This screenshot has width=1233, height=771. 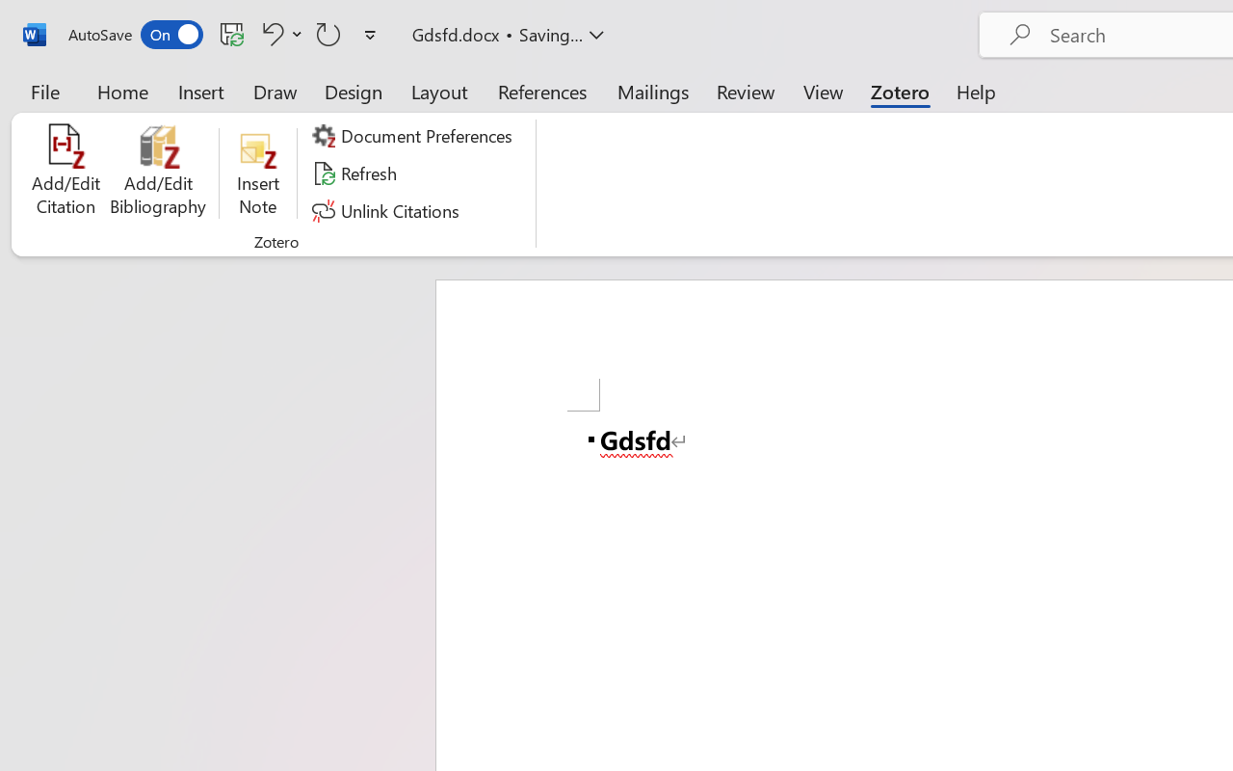 I want to click on 'Document Preferences', so click(x=414, y=136).